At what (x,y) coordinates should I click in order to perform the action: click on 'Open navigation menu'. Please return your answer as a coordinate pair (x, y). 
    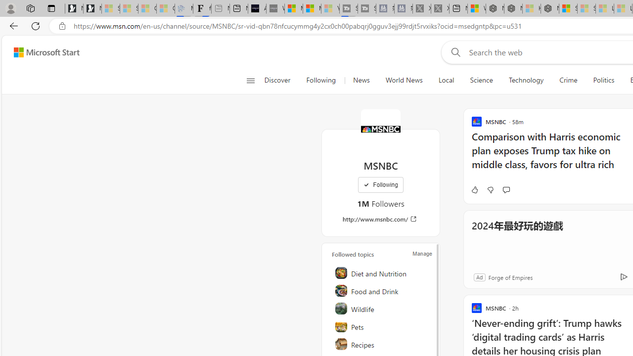
    Looking at the image, I should click on (250, 80).